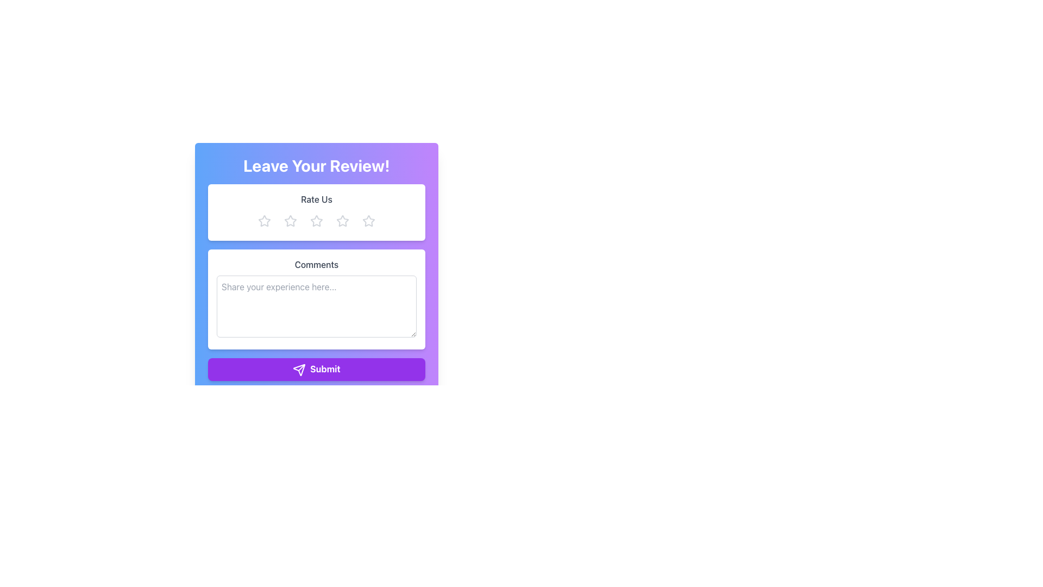  I want to click on the fifth star icon in the rating system to assign a five-star rating, so click(368, 221).